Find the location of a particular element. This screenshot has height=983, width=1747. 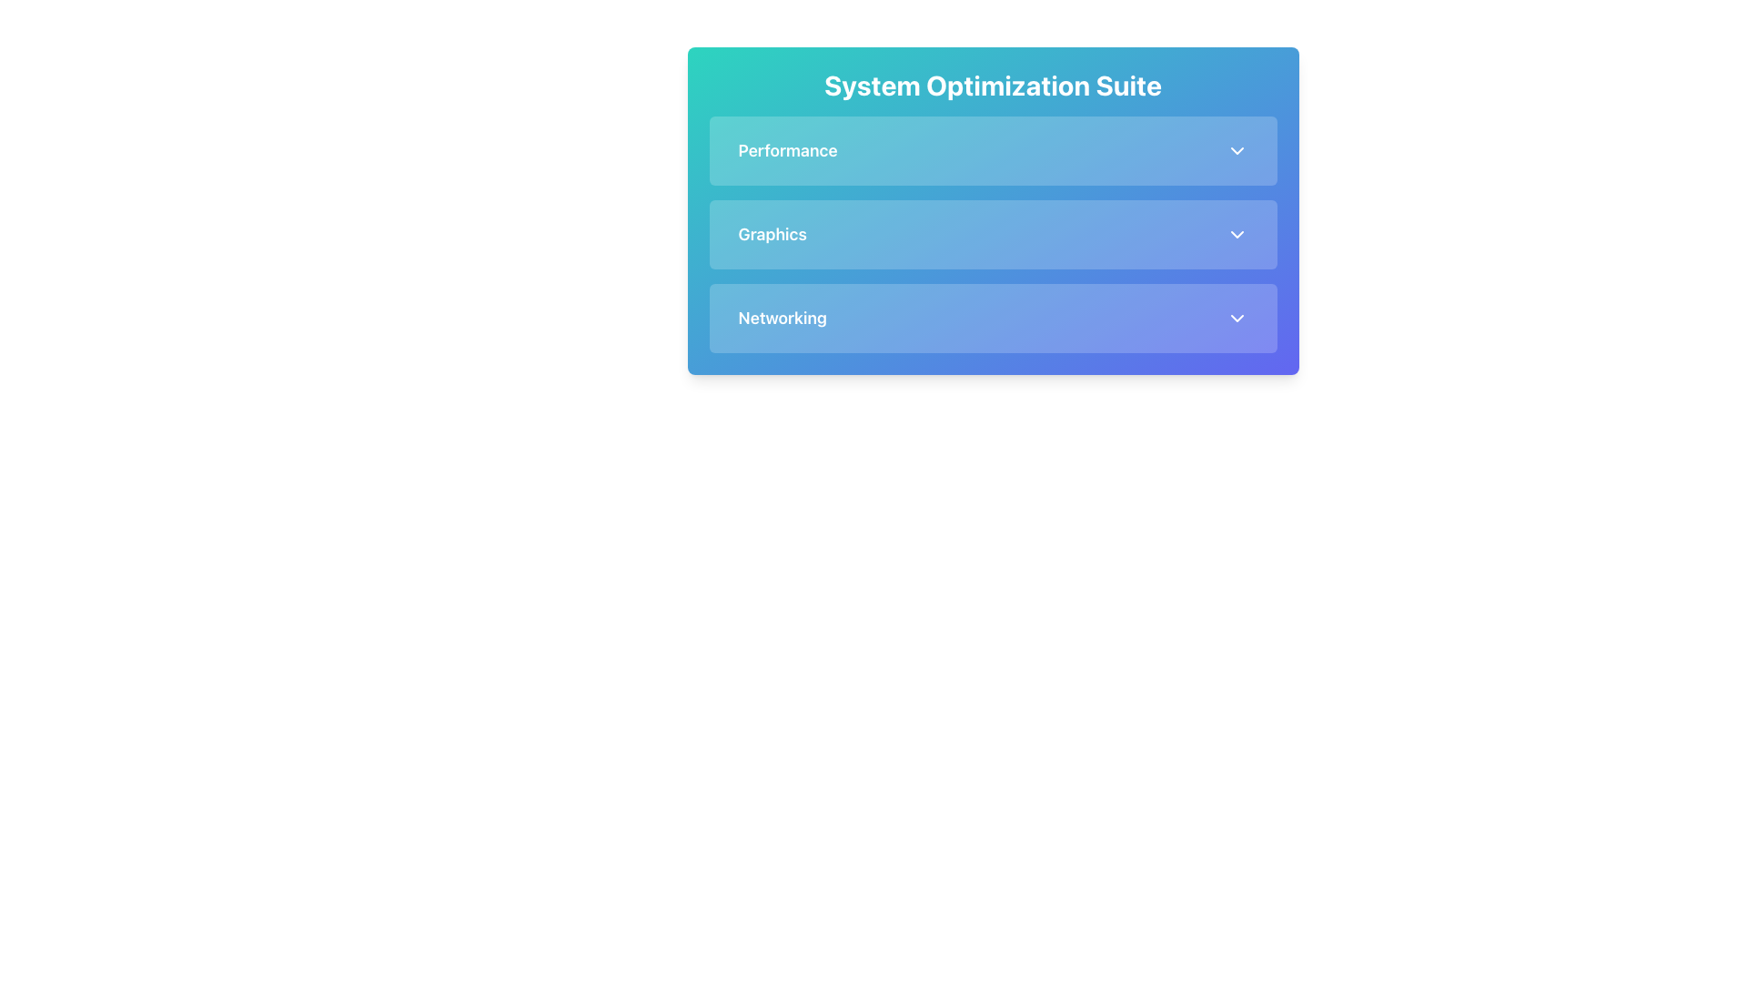

the down-pointing chevron icon located to the right of the 'Graphics' label is located at coordinates (1237, 234).